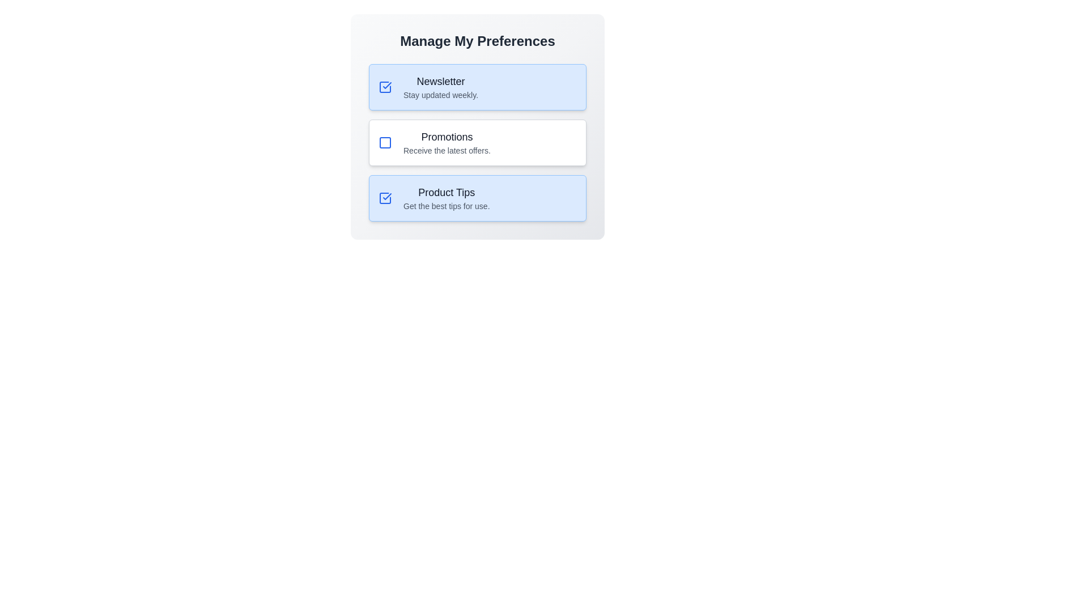 The width and height of the screenshot is (1088, 612). I want to click on the 'Promotions' preference option description, which is a static text element located centrally within its white rounded rectangular section, positioned between 'Newsletter' and 'Product Tips', so click(446, 142).